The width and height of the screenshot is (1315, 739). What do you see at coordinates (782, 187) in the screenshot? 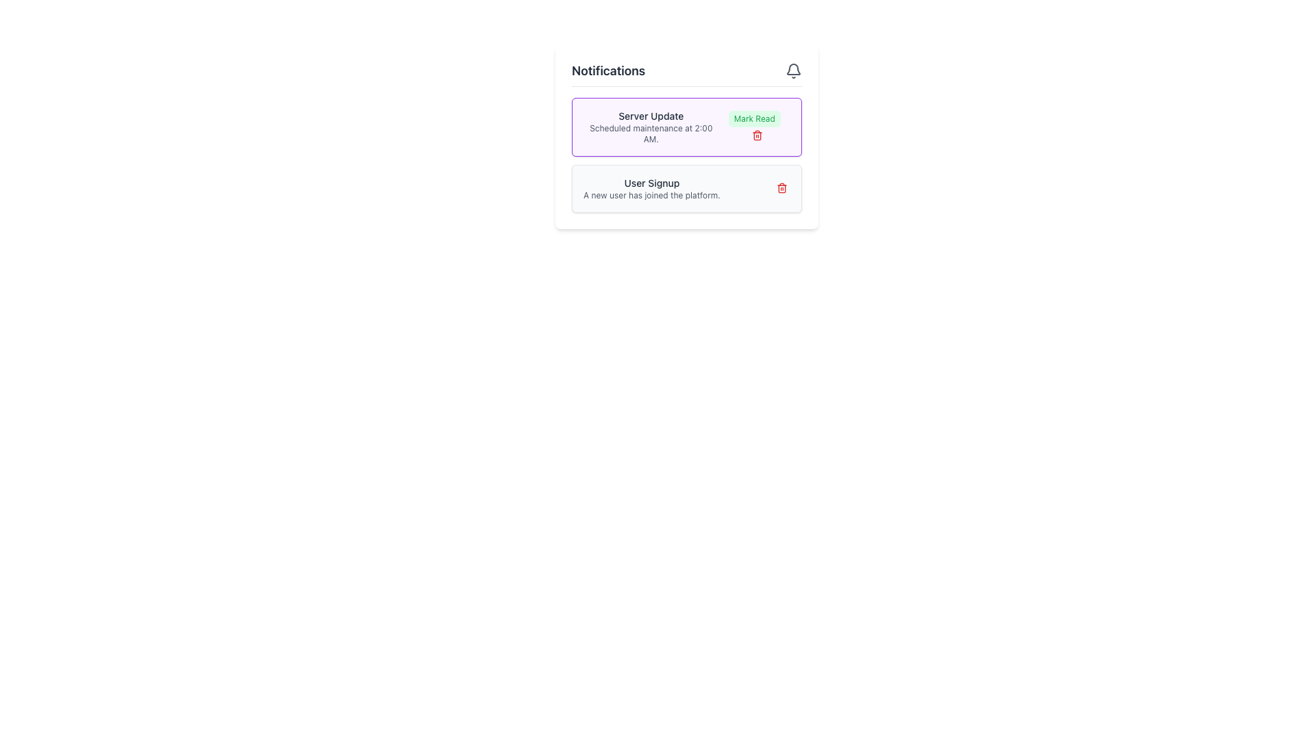
I see `the delete icon button located in the second notification block, aligned to the right of the text 'User Signup: A new user has joined the platform'` at bounding box center [782, 187].